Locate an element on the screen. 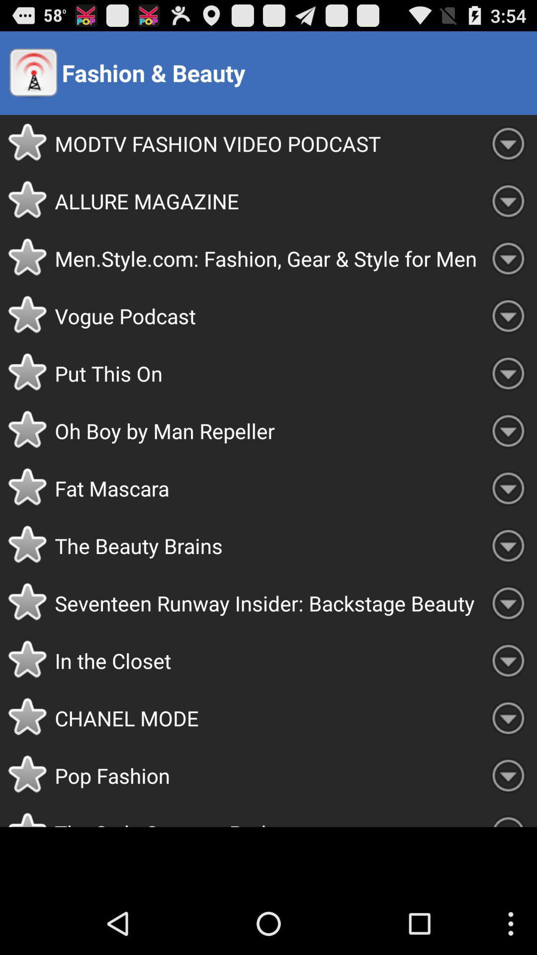 Image resolution: width=537 pixels, height=955 pixels. the fat mascara app is located at coordinates (267, 488).